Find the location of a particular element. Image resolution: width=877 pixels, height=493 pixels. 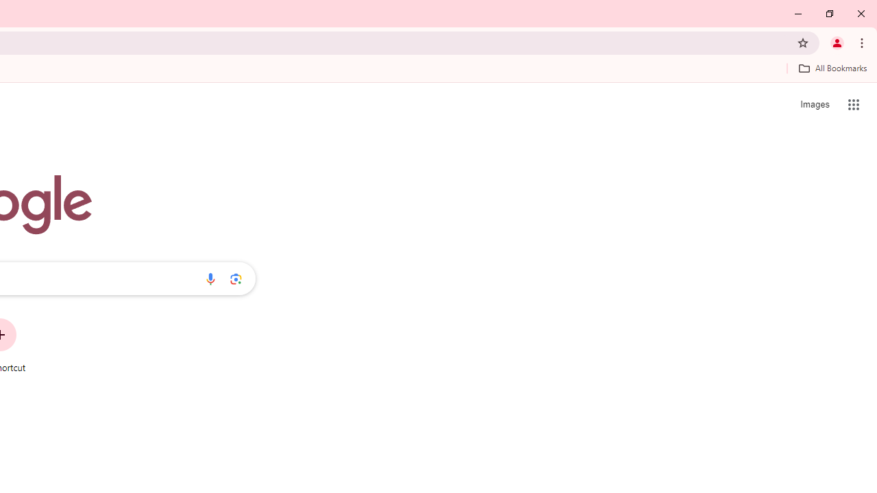

'Search by image' is located at coordinates (236, 278).